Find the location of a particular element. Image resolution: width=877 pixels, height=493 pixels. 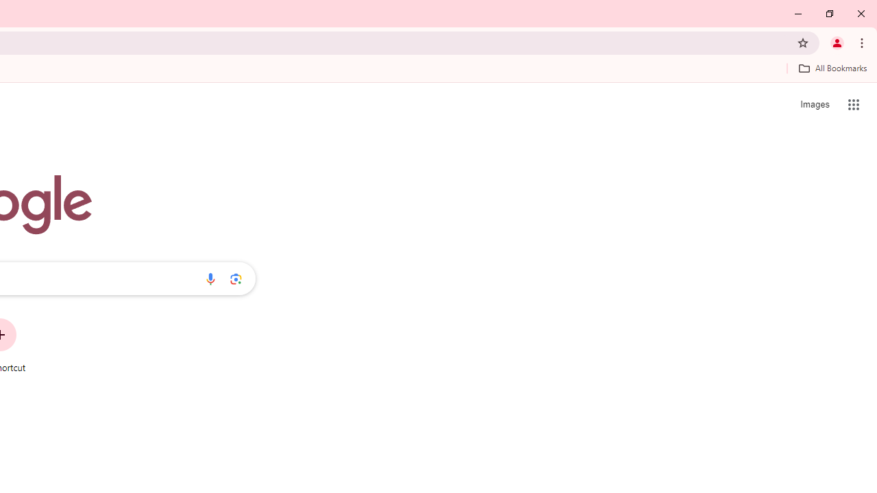

'Search by image' is located at coordinates (236, 278).